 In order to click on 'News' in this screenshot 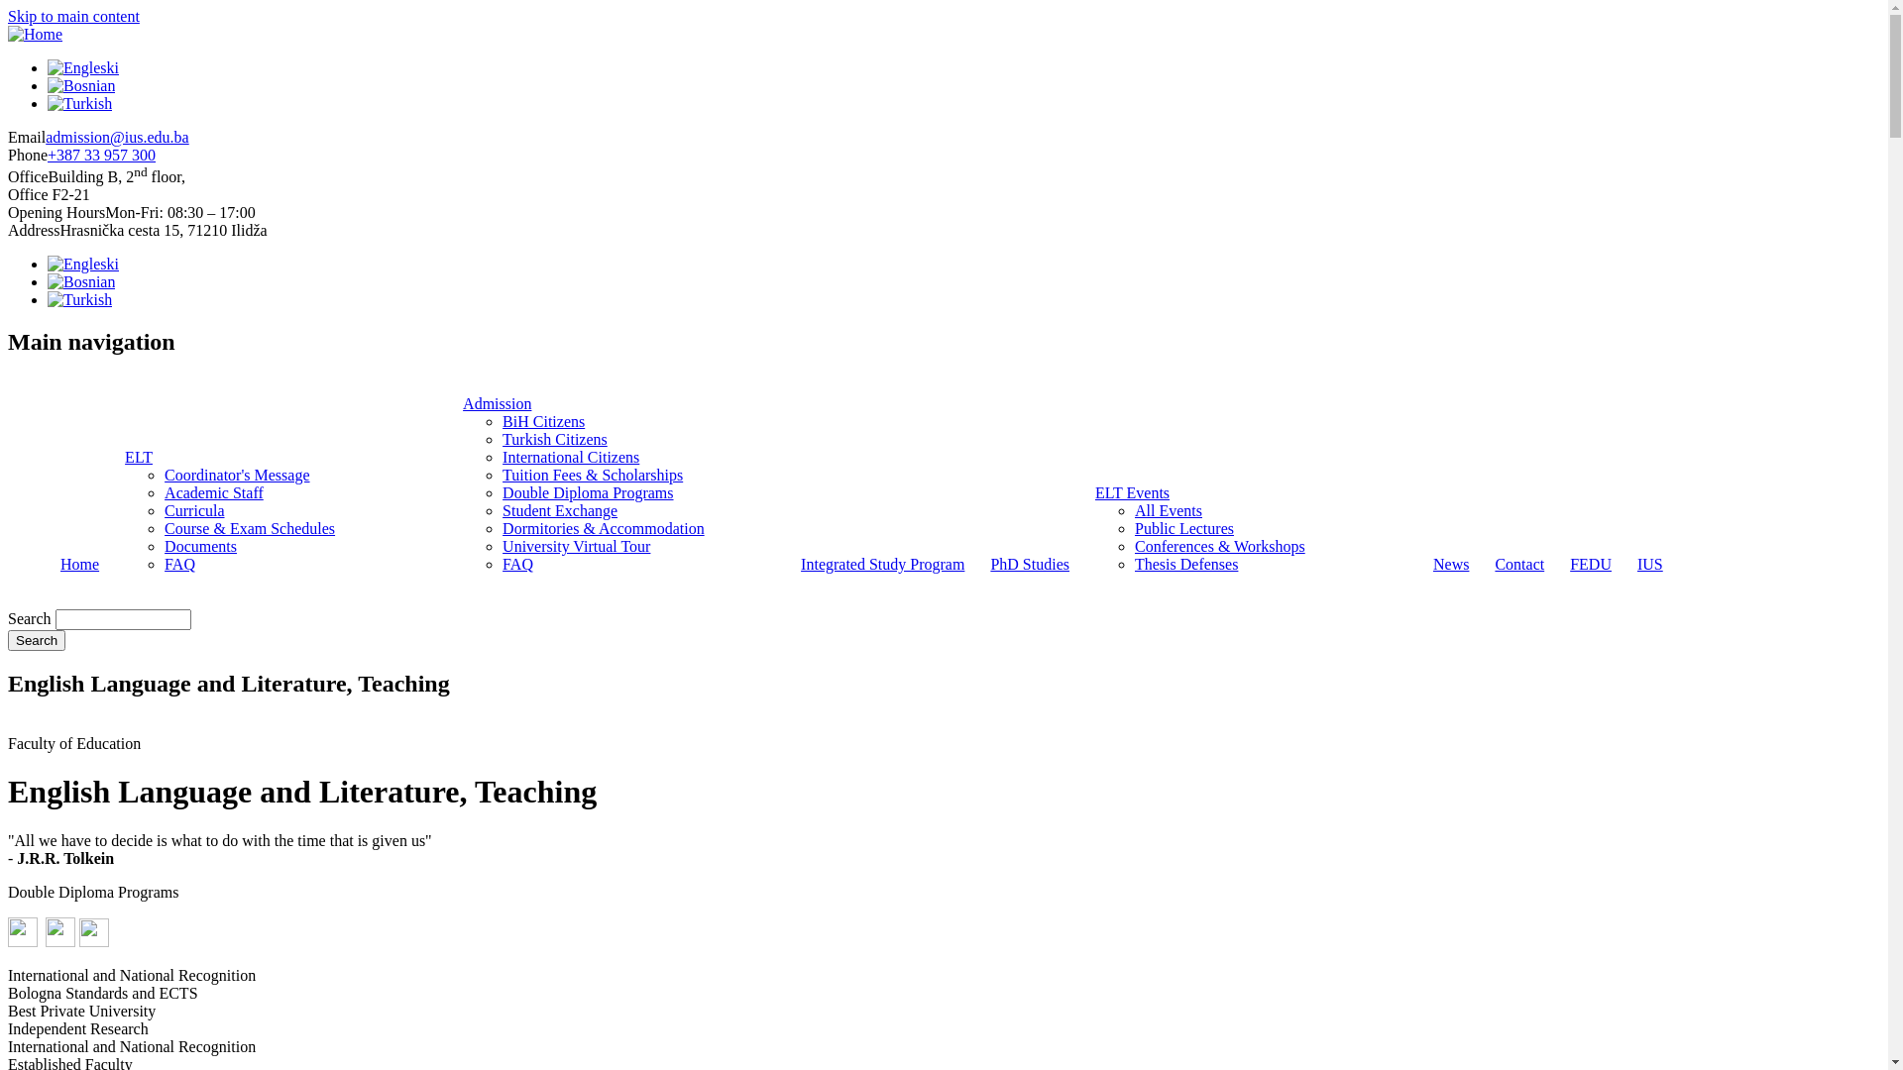, I will do `click(1451, 564)`.